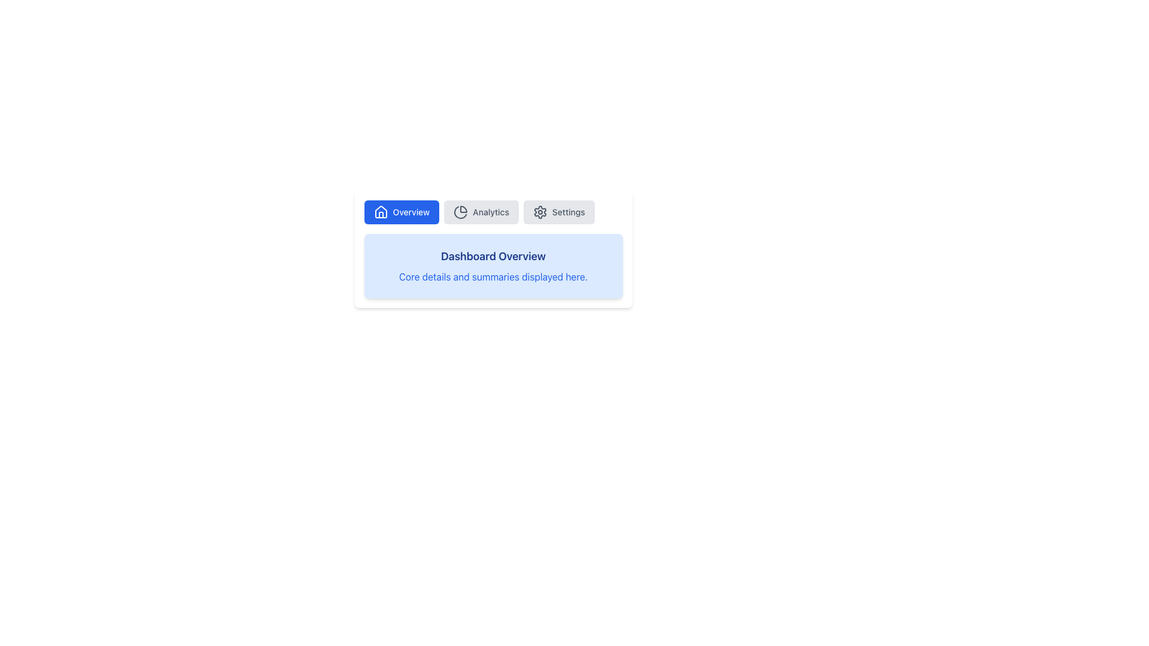  What do you see at coordinates (491, 211) in the screenshot?
I see `the text label displaying 'Analytics', which is styled in gray and positioned beside an icon on a lighter gray background` at bounding box center [491, 211].